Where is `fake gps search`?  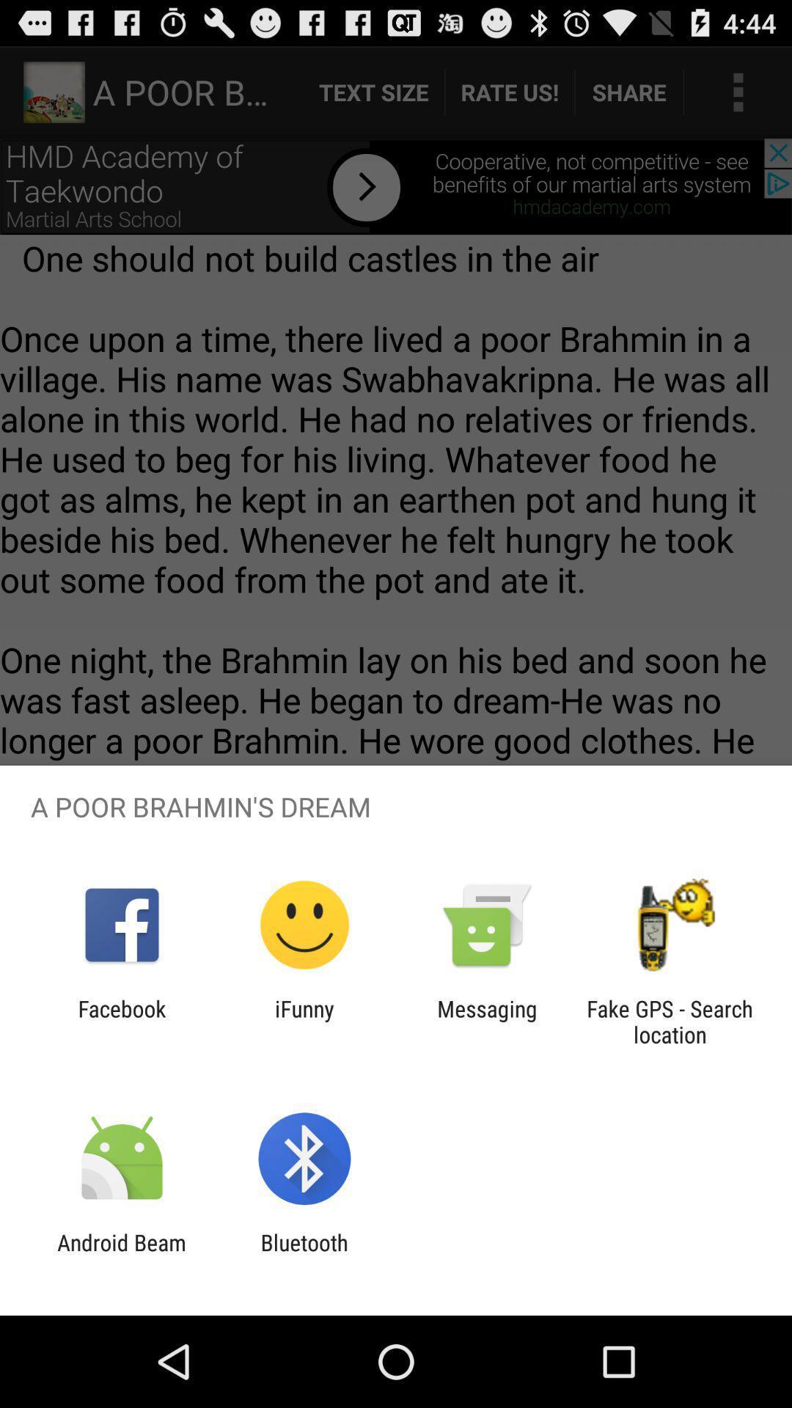
fake gps search is located at coordinates (670, 1021).